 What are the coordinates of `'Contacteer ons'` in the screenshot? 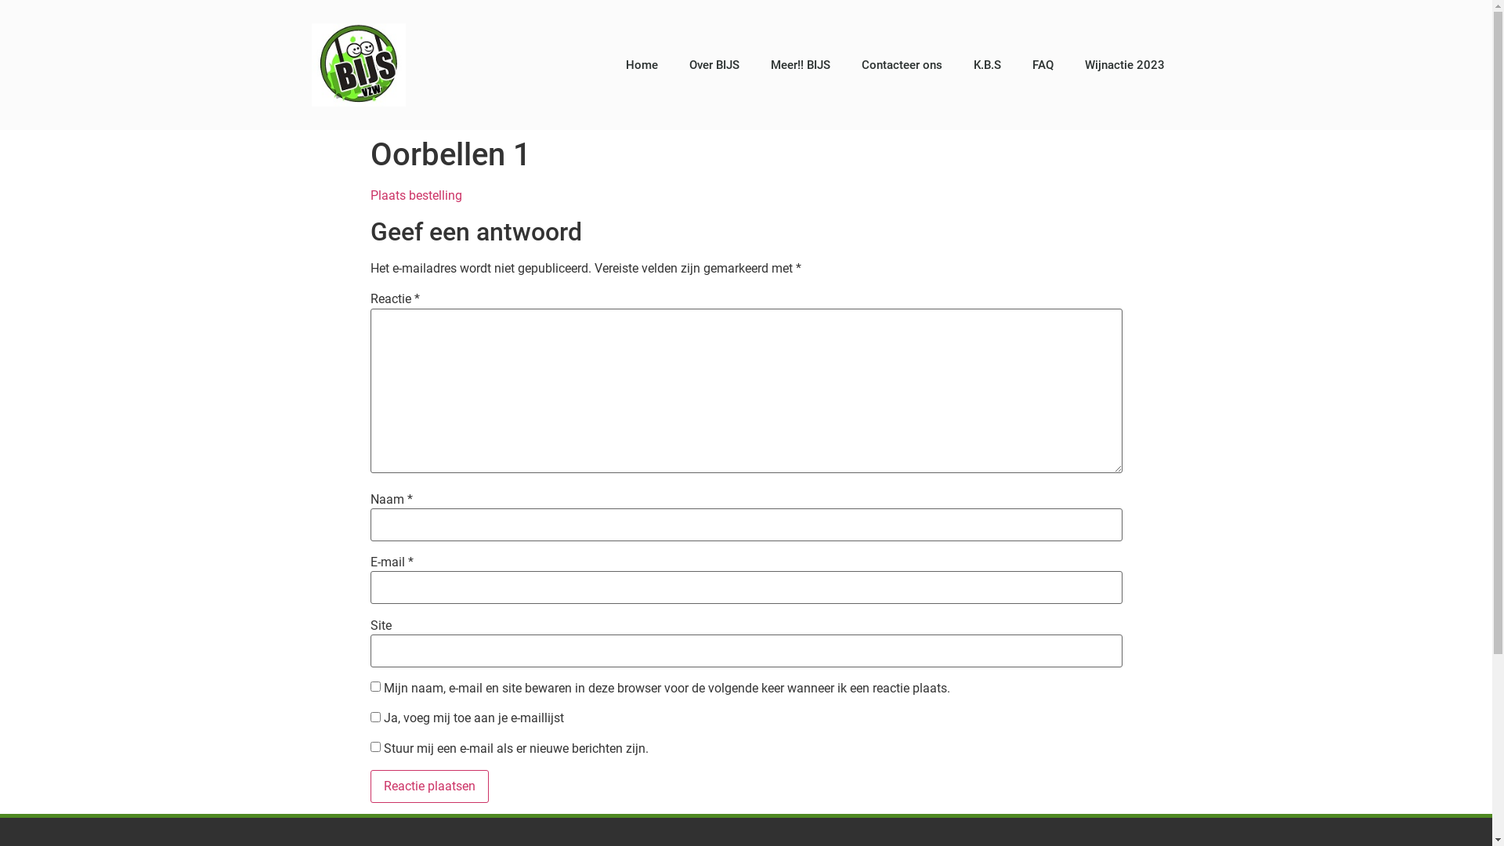 It's located at (902, 64).